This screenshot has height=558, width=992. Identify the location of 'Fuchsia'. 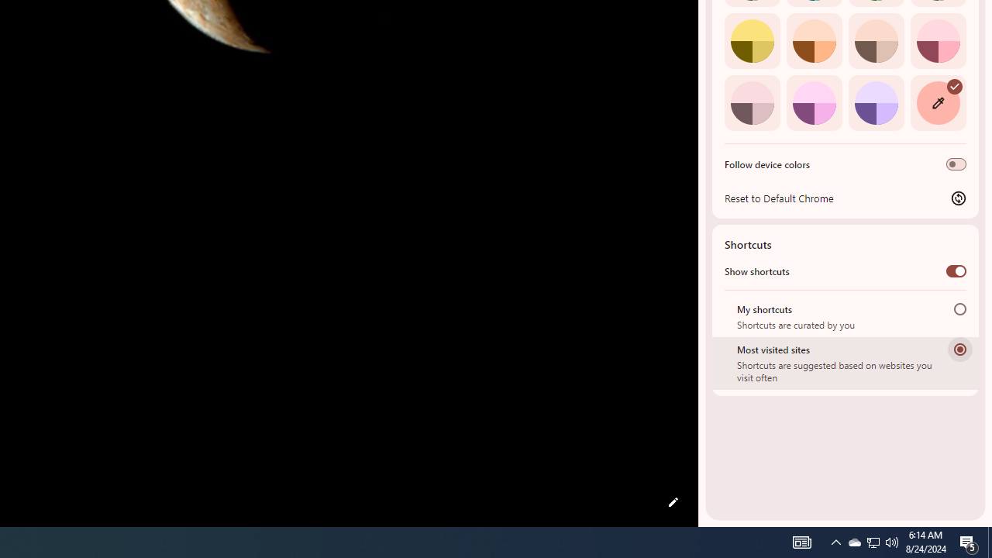
(813, 102).